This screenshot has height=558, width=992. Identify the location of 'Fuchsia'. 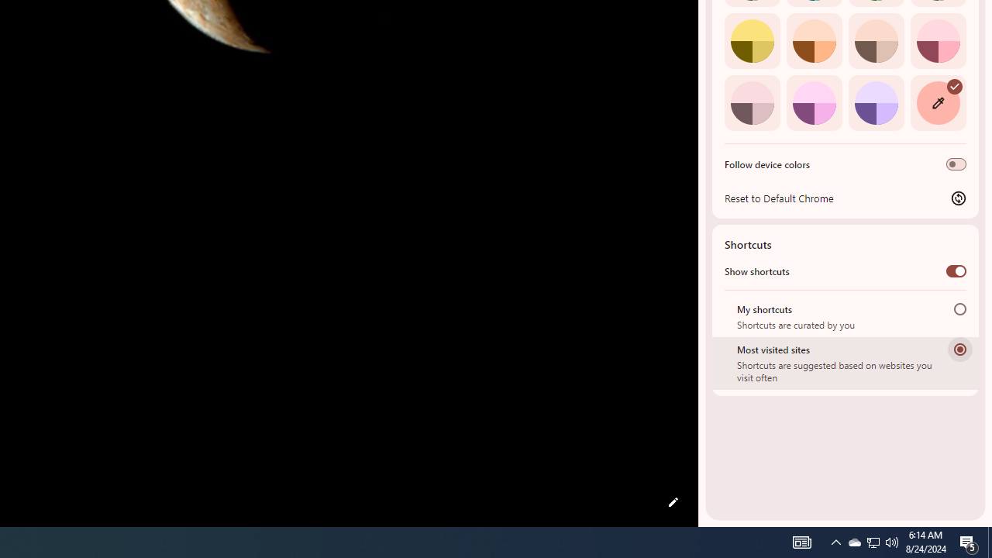
(813, 102).